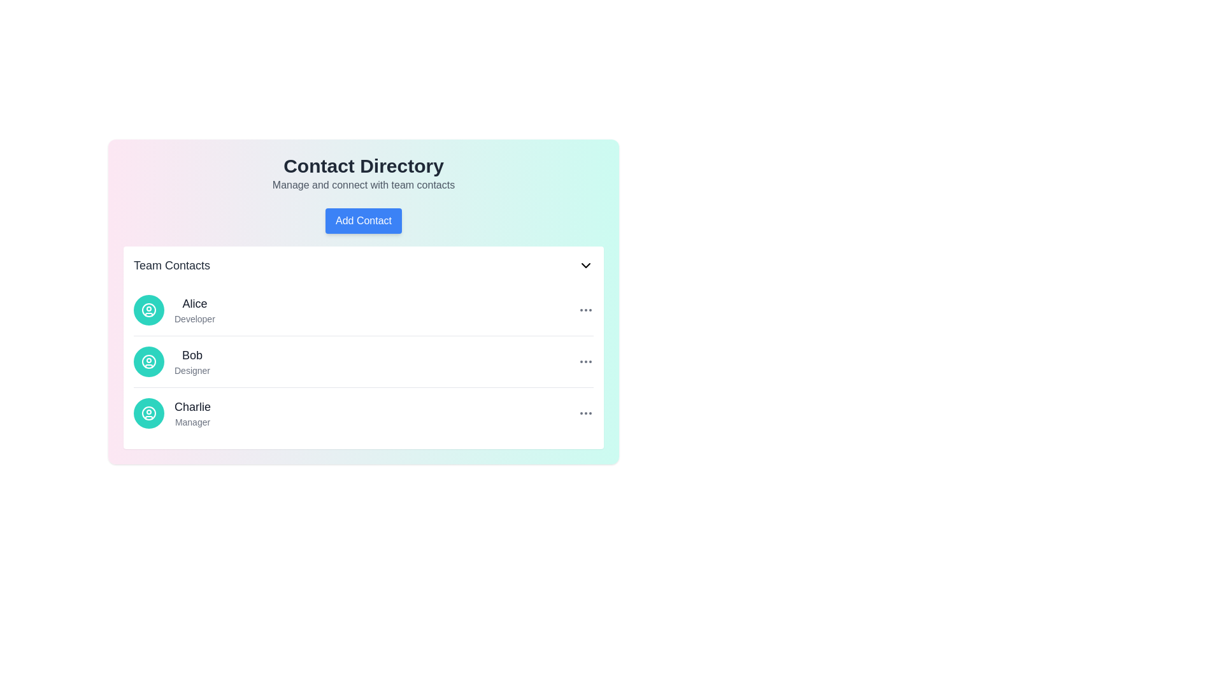 The width and height of the screenshot is (1223, 688). What do you see at coordinates (149, 361) in the screenshot?
I see `the outermost circular UI component of the profile icon for user 'Bob' in the contact list` at bounding box center [149, 361].